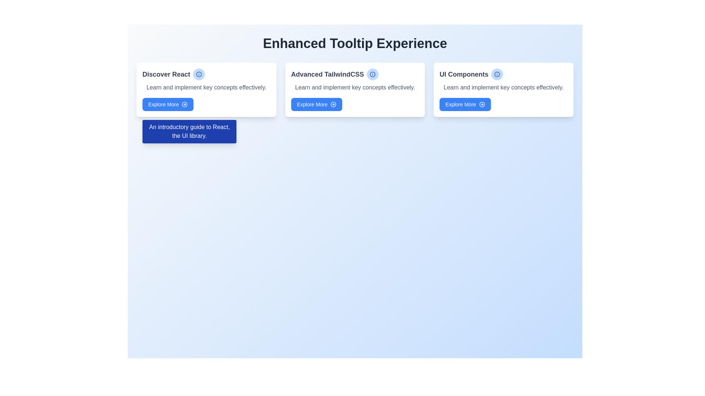 The height and width of the screenshot is (396, 705). What do you see at coordinates (465, 104) in the screenshot?
I see `the button located at the bottom right corner of the 'UI Components' section` at bounding box center [465, 104].